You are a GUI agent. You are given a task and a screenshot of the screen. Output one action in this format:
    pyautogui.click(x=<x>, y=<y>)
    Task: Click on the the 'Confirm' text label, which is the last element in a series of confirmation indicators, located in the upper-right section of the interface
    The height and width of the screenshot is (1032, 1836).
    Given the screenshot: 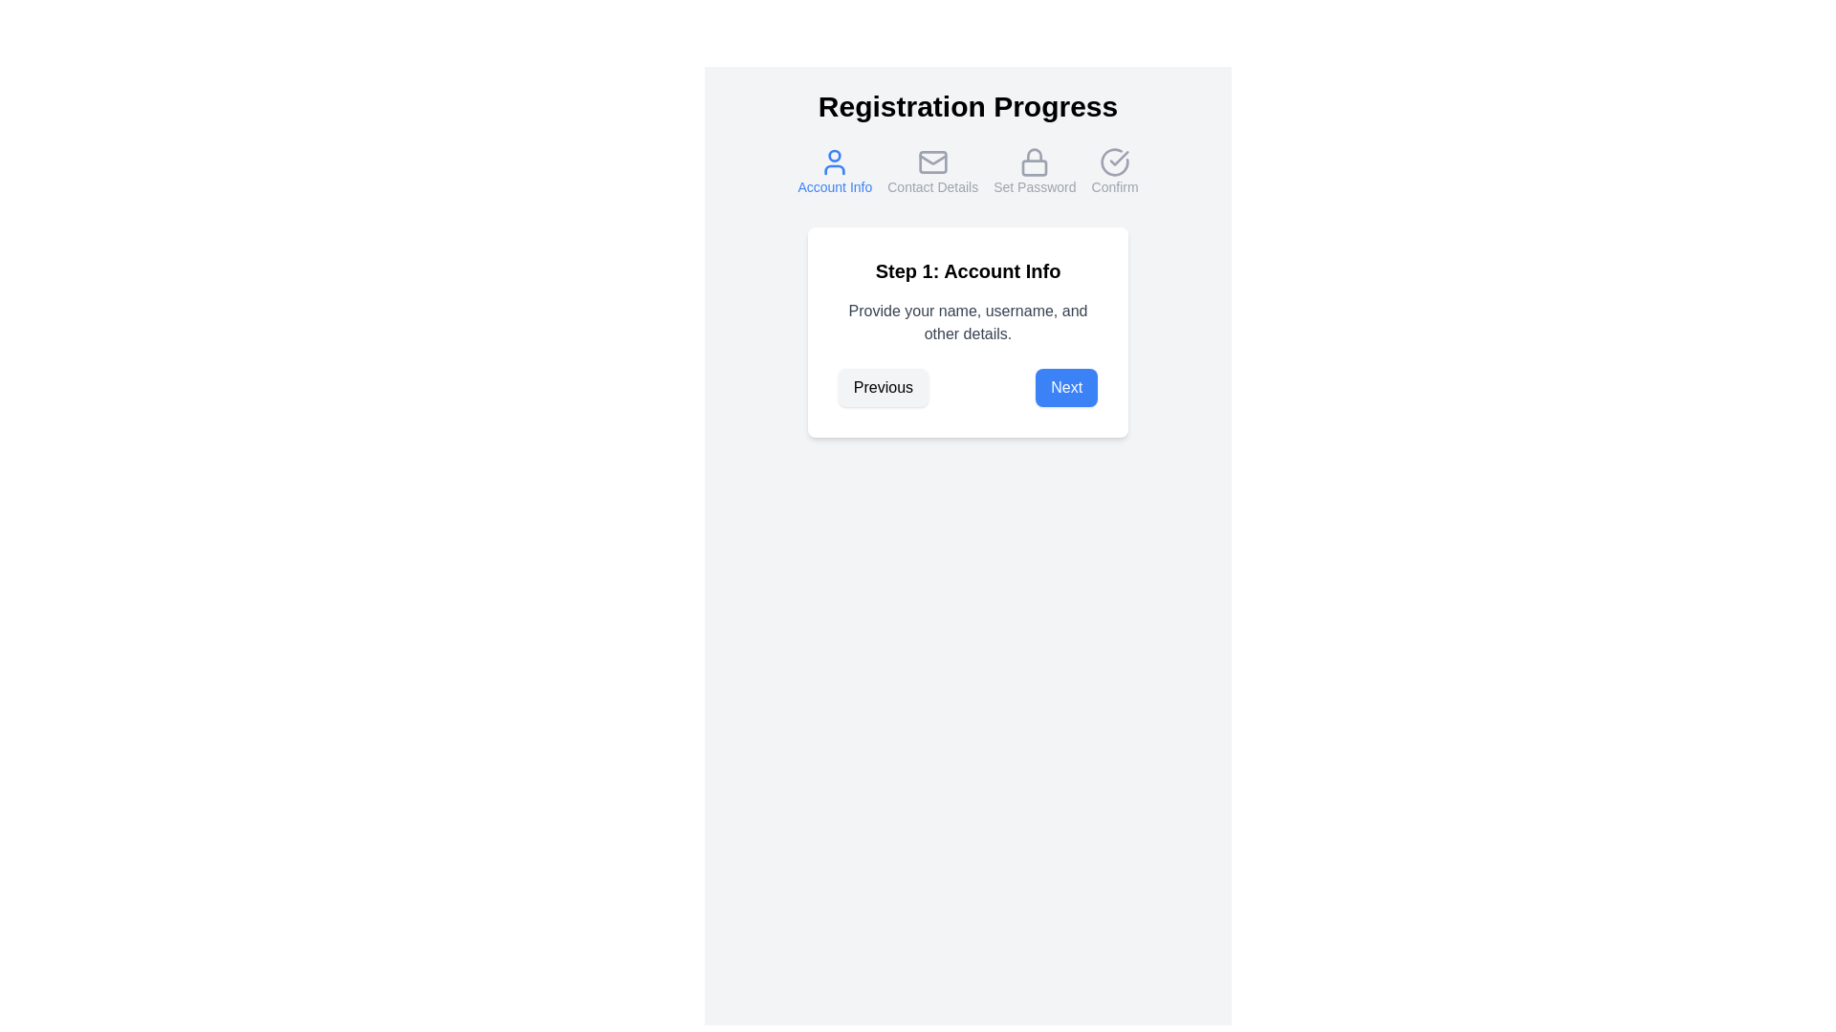 What is the action you would take?
    pyautogui.click(x=1115, y=187)
    